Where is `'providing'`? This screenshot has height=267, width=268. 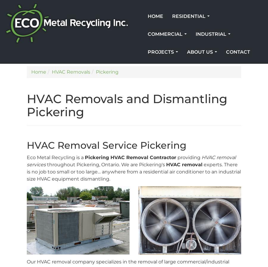
'providing' is located at coordinates (189, 157).